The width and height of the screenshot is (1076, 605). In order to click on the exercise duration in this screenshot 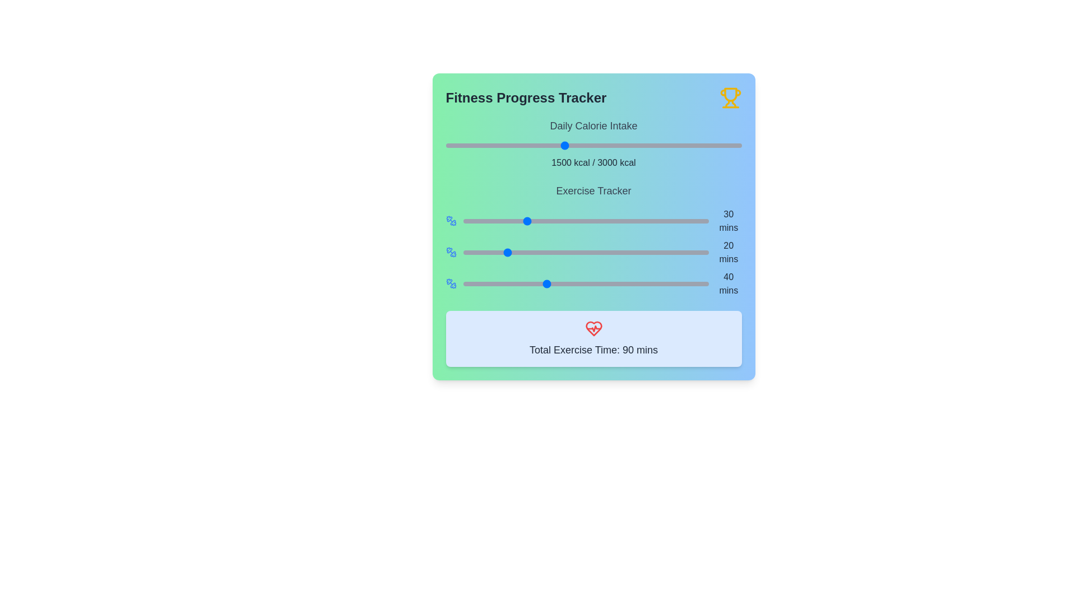, I will do `click(495, 283)`.